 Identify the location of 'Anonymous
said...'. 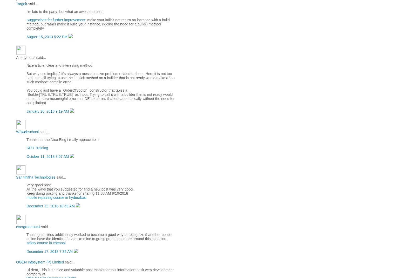
(31, 57).